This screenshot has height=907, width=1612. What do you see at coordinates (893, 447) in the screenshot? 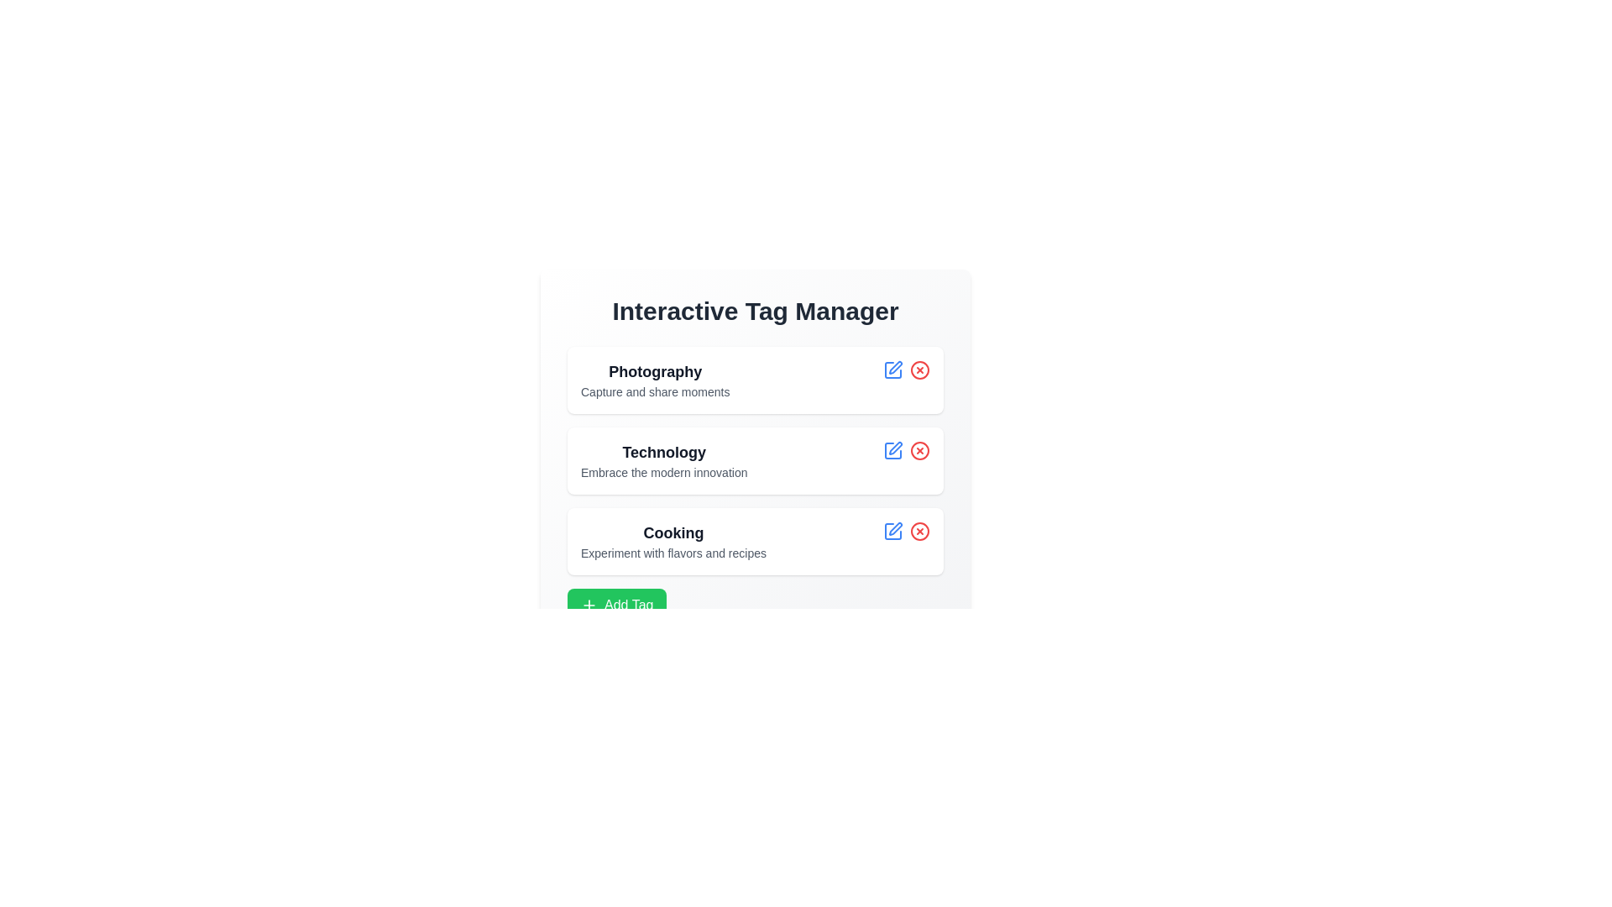
I see `the 'Edit' icon button located to the right of the 'Technology' tag to initiate editing` at bounding box center [893, 447].